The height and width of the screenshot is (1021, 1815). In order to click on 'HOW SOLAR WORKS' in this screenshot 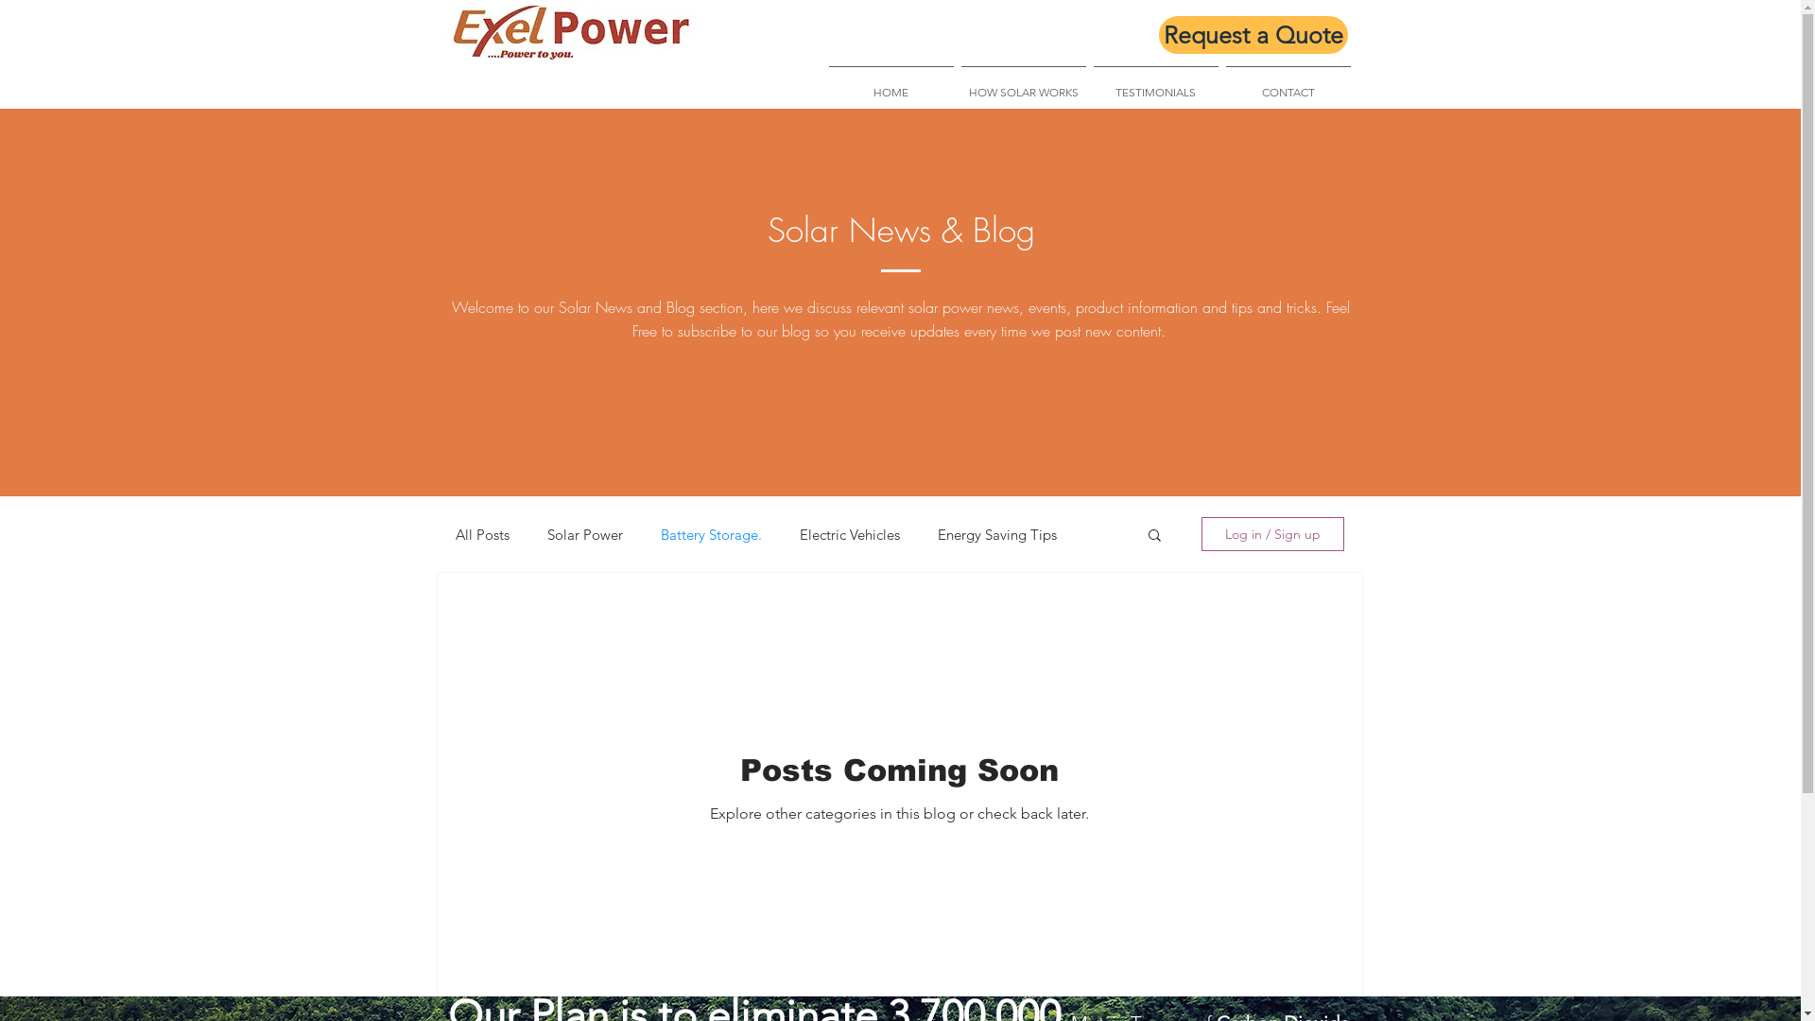, I will do `click(1021, 82)`.